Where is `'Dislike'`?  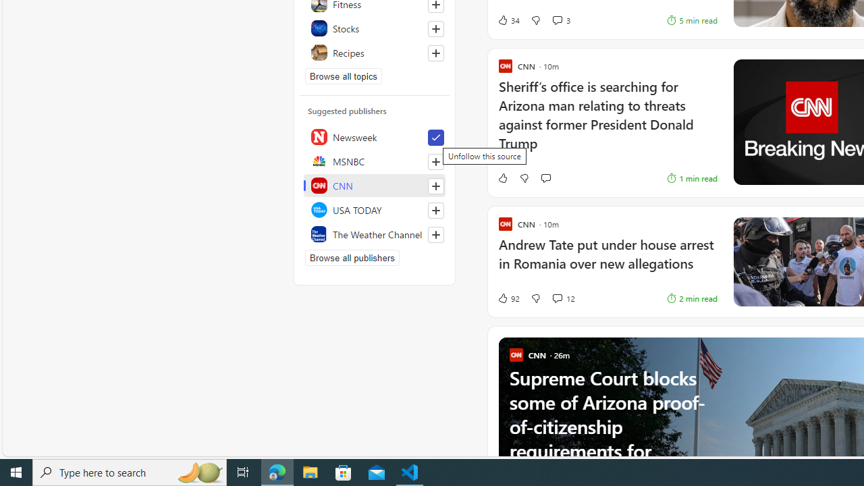
'Dislike' is located at coordinates (535, 298).